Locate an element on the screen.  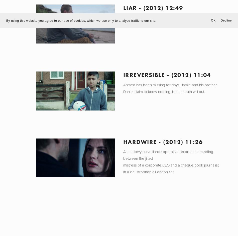
'Hardwire - (2012) 11:26' is located at coordinates (123, 141).